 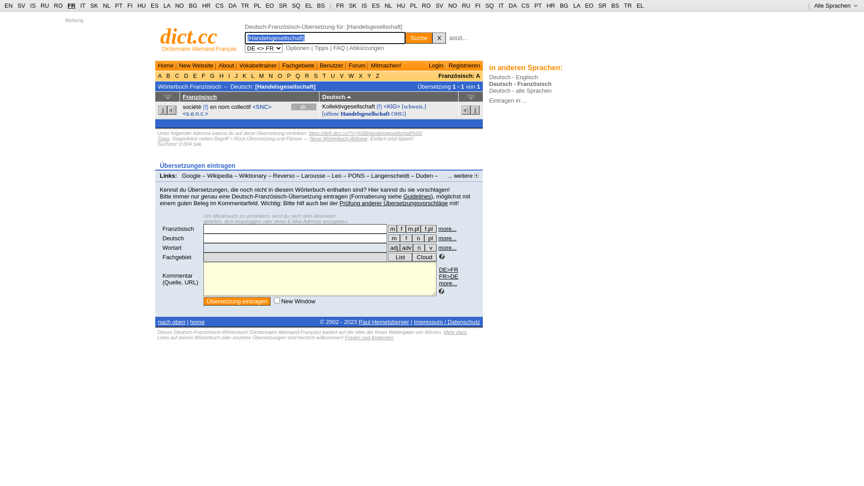 What do you see at coordinates (269, 5) in the screenshot?
I see `'EO'` at bounding box center [269, 5].